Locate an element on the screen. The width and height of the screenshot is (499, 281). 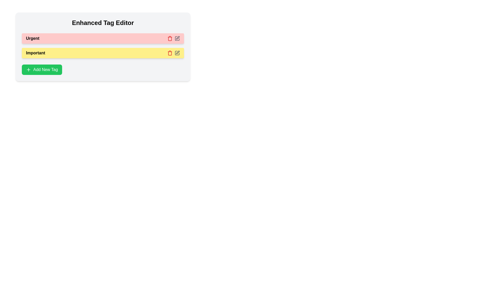
the pencil icon button, which is the second from the right in a horizontal row of buttons, to initiate editing is located at coordinates (177, 53).